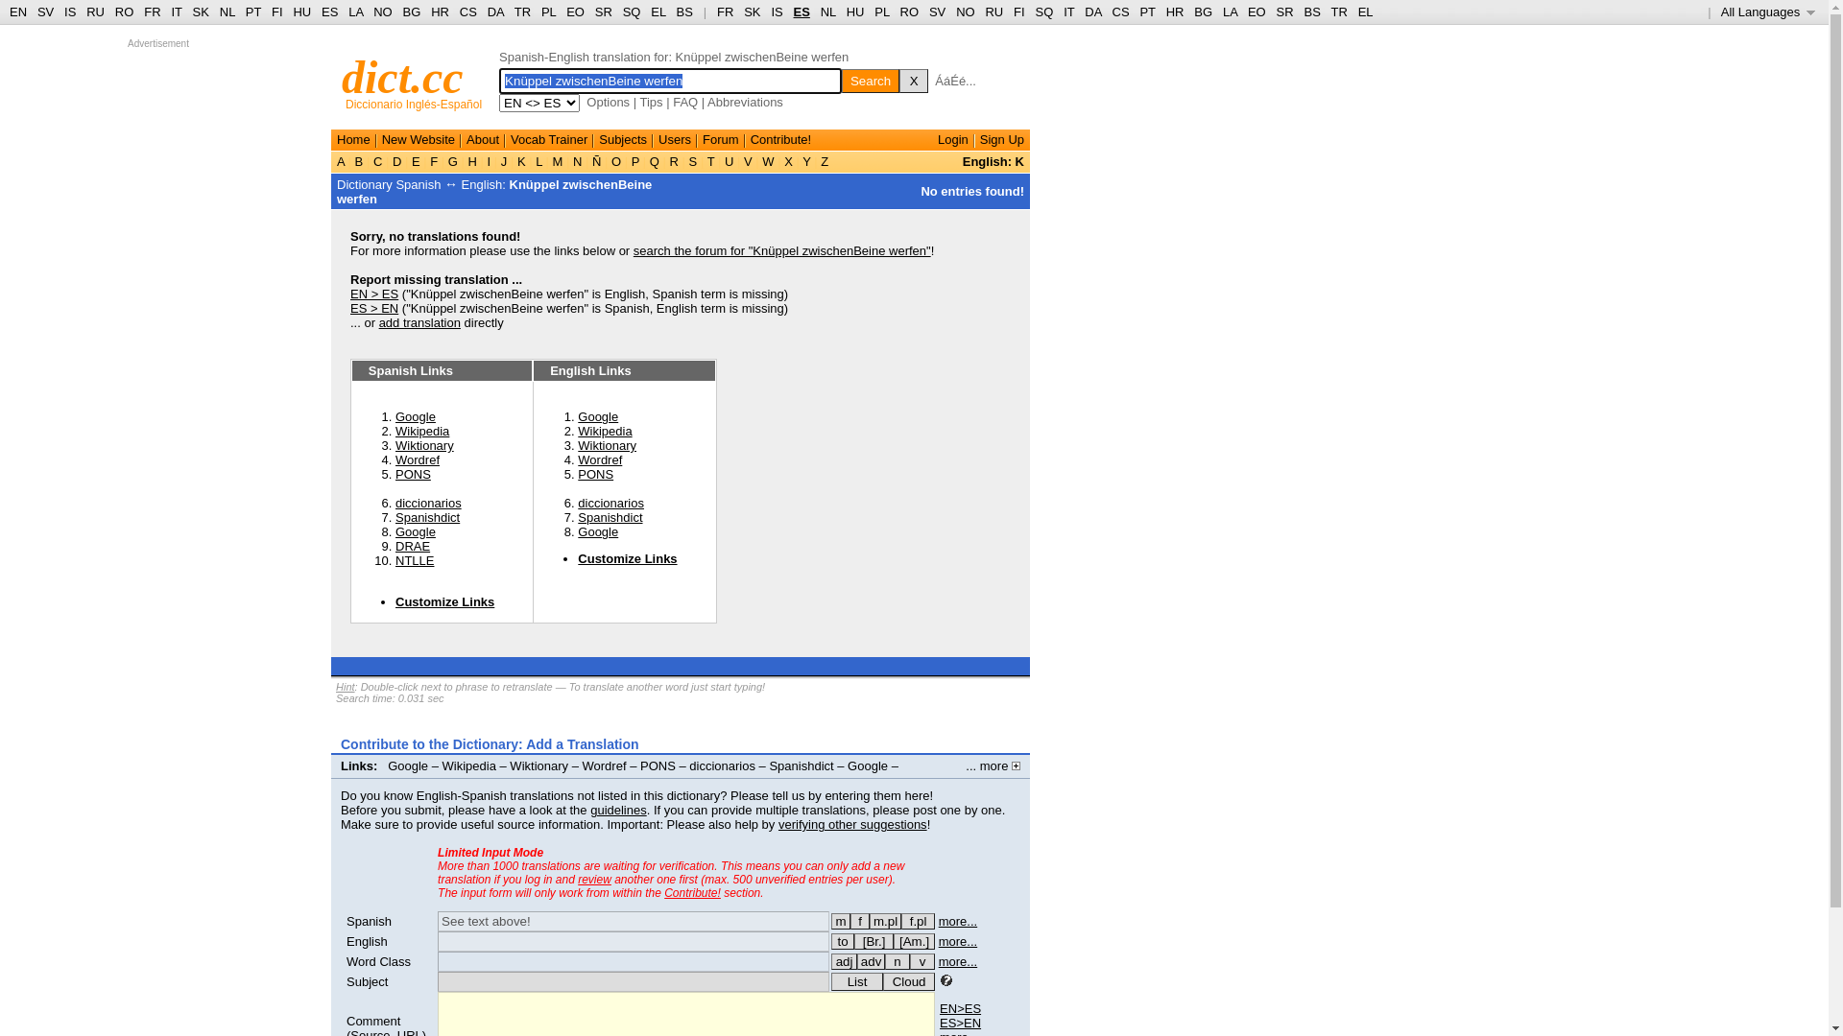 The height and width of the screenshot is (1036, 1843). Describe the element at coordinates (724, 12) in the screenshot. I see `'FR'` at that location.